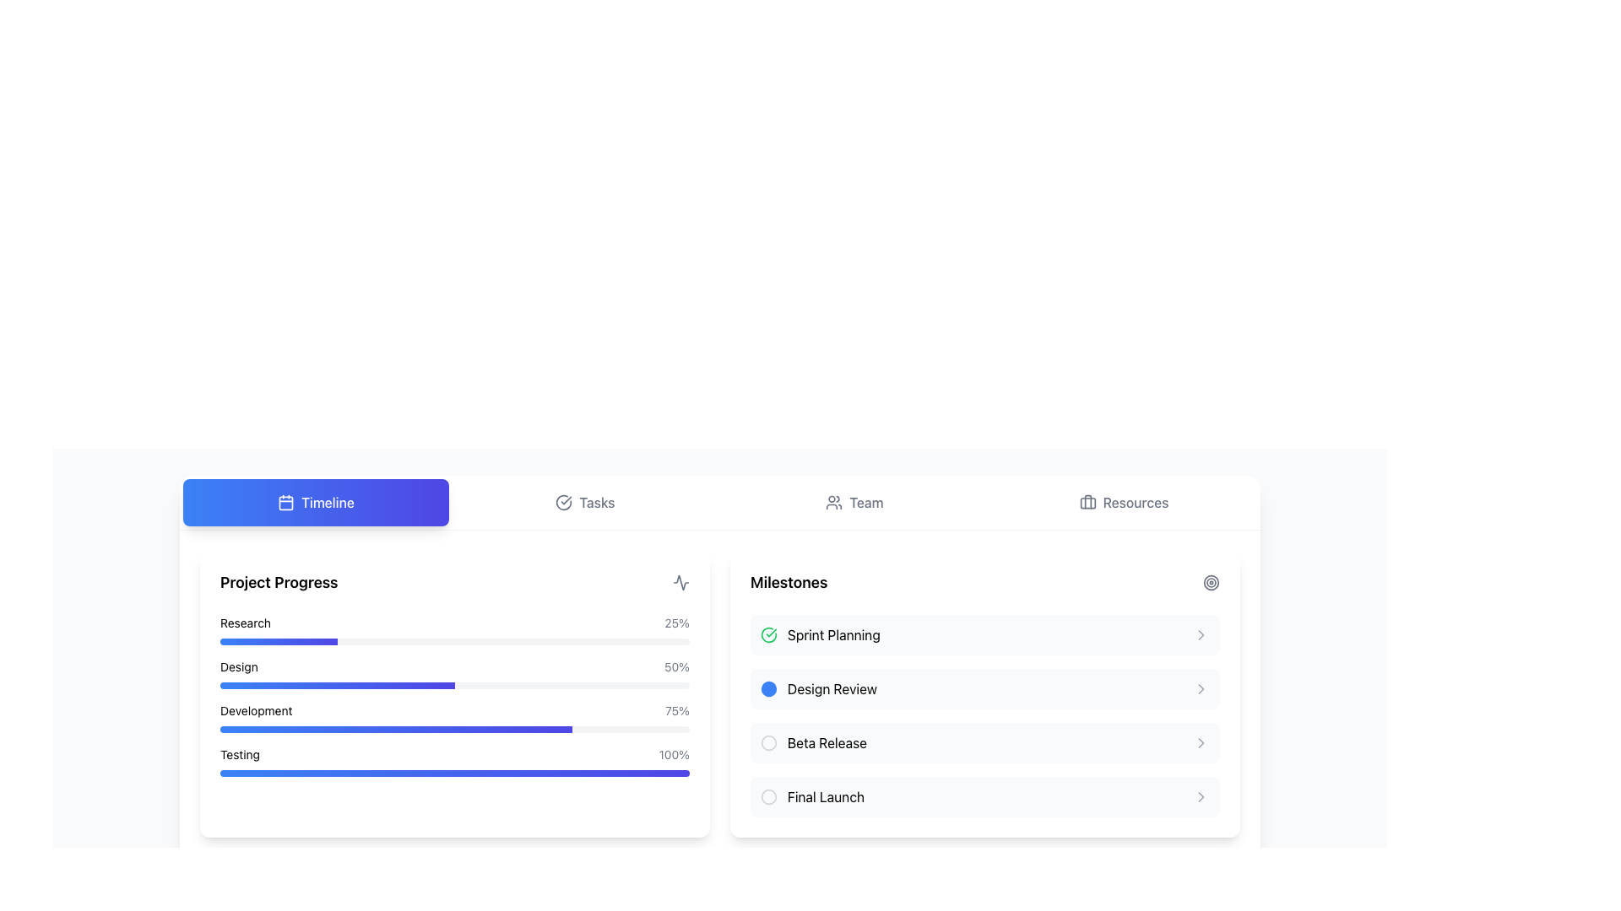 The height and width of the screenshot is (911, 1621). Describe the element at coordinates (680, 581) in the screenshot. I see `the small gray SVG icon resembling an activity graph located near the top-right corner of the 'Project Progress' section` at that location.